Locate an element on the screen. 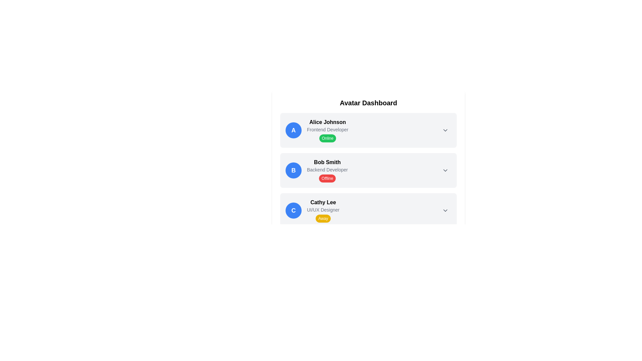  the offline status label for user 'Bob Smith', located in the bottom-right corner of the inner vertical panel, directly below 'Backend Developer' is located at coordinates (327, 178).